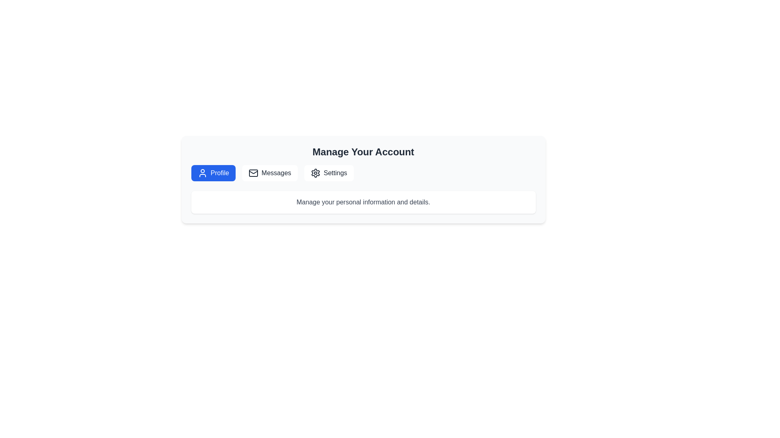  What do you see at coordinates (315, 173) in the screenshot?
I see `the gear-shaped icon on the left side of the 'Settings' button` at bounding box center [315, 173].